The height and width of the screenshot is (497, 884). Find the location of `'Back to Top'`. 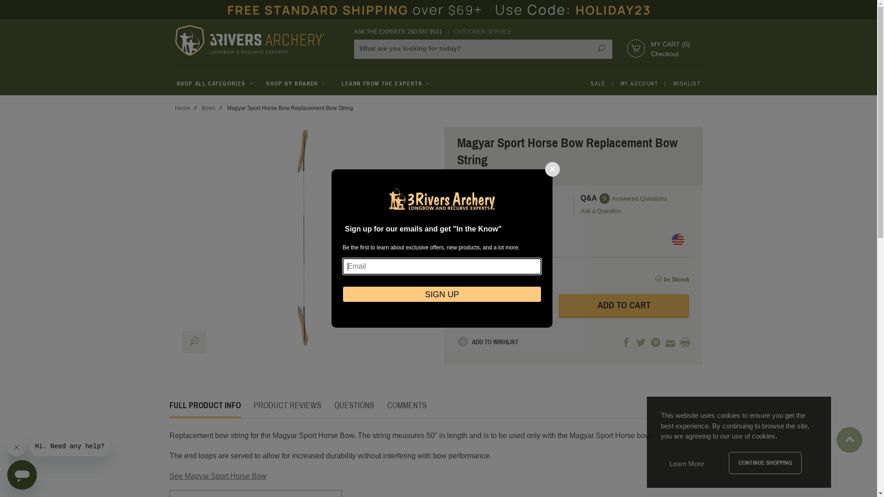

'Back to Top' is located at coordinates (849, 439).